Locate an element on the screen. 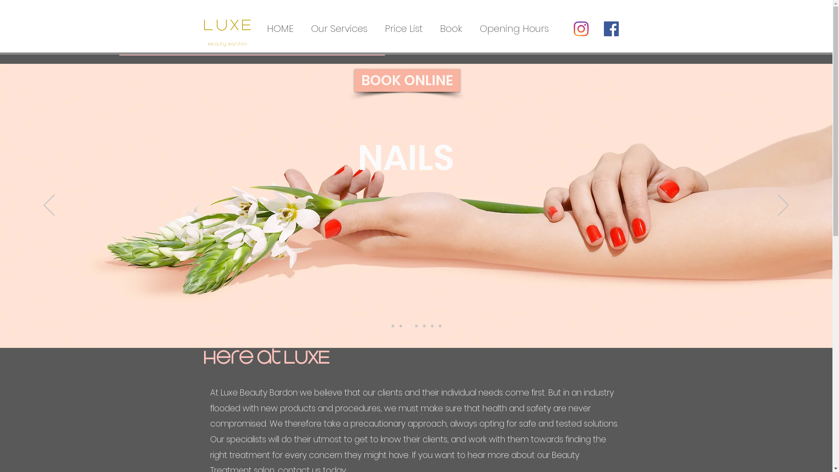 The width and height of the screenshot is (839, 472). 'Our Services' is located at coordinates (339, 28).